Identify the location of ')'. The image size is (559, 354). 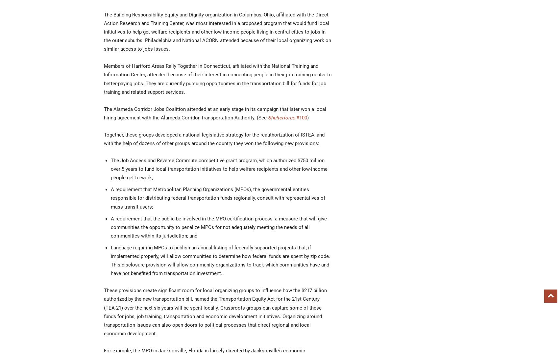
(308, 117).